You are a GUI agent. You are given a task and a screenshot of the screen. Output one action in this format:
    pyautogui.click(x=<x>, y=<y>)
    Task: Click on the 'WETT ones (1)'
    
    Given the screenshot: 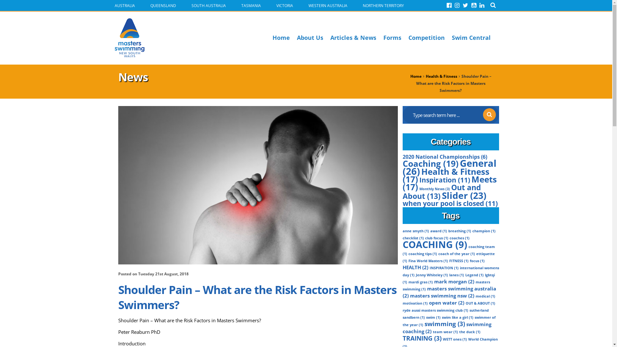 What is the action you would take?
    pyautogui.click(x=454, y=339)
    